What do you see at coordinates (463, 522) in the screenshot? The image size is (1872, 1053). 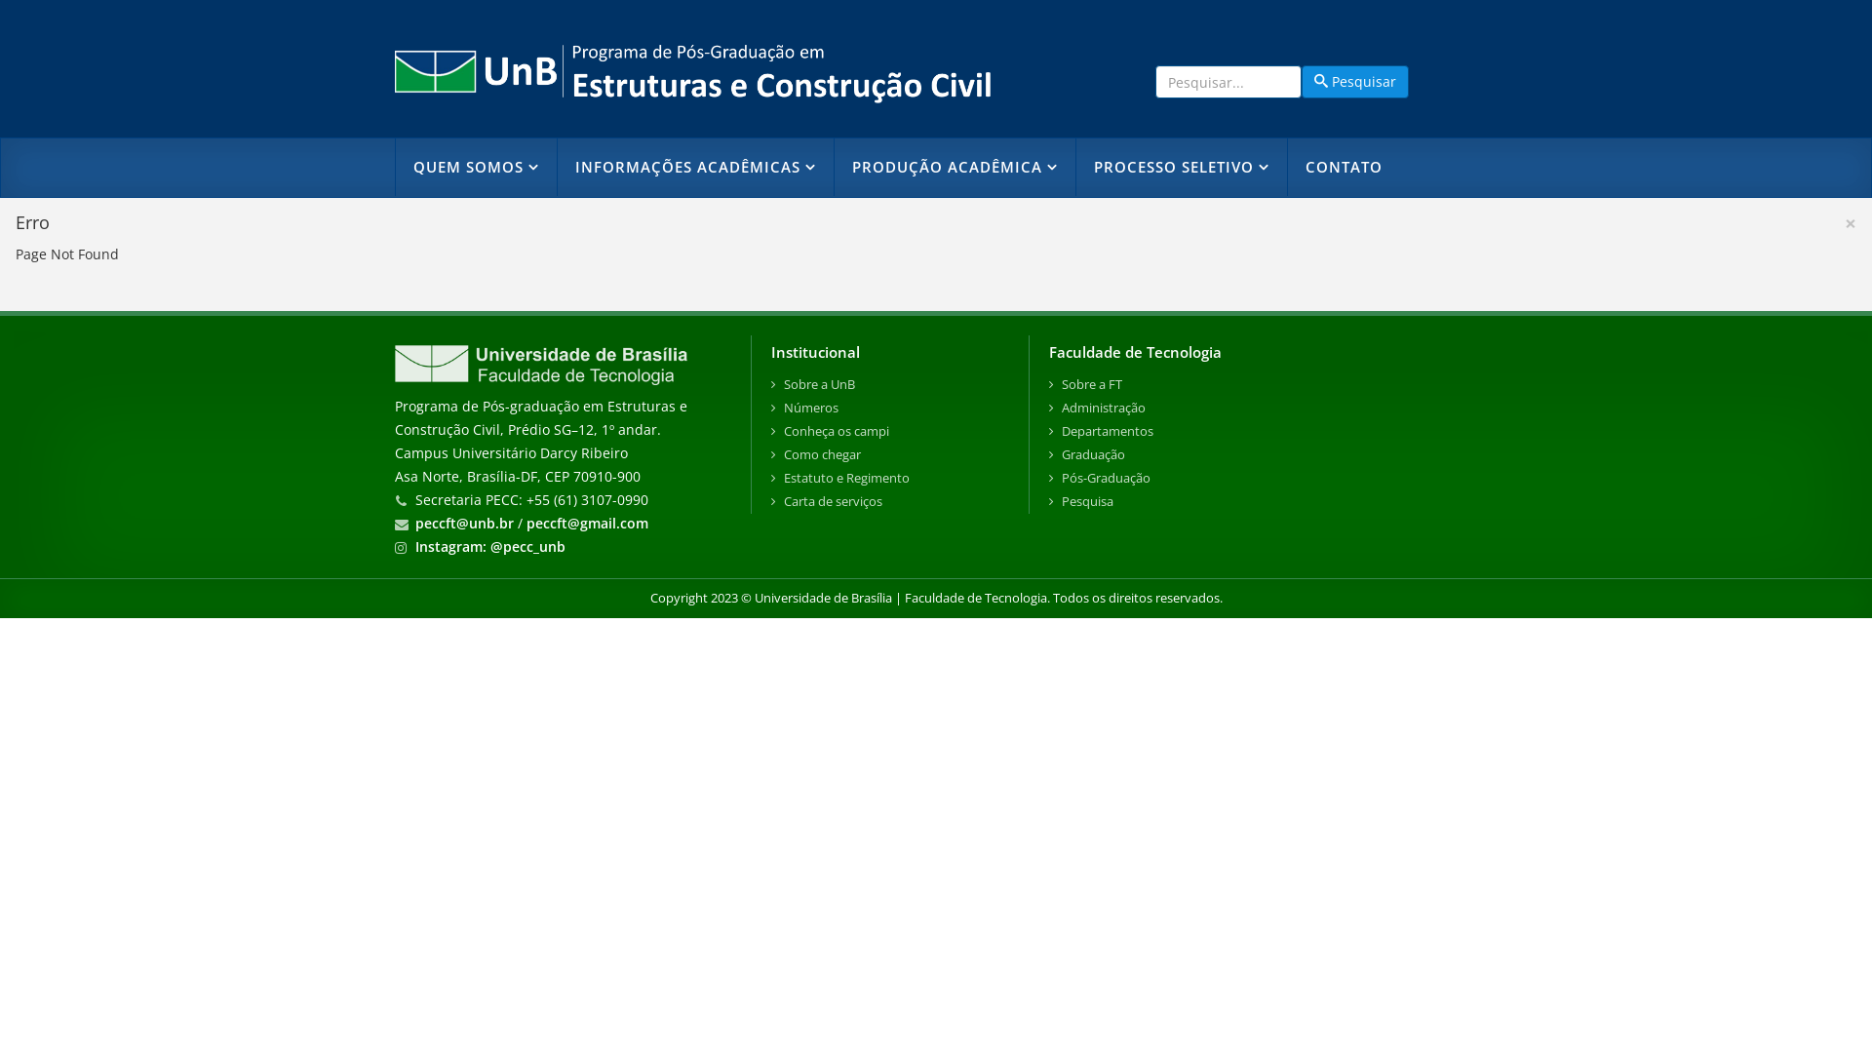 I see `'peccft@unb.br'` at bounding box center [463, 522].